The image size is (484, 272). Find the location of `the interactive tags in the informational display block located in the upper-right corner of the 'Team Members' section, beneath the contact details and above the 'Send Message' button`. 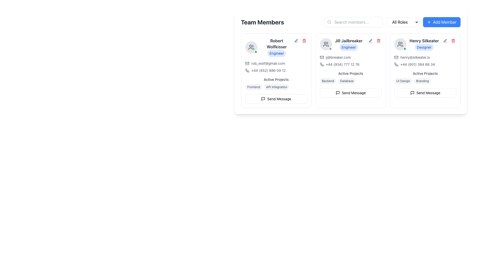

the interactive tags in the informational display block located in the upper-right corner of the 'Team Members' section, beneath the contact details and above the 'Send Message' button is located at coordinates (425, 78).